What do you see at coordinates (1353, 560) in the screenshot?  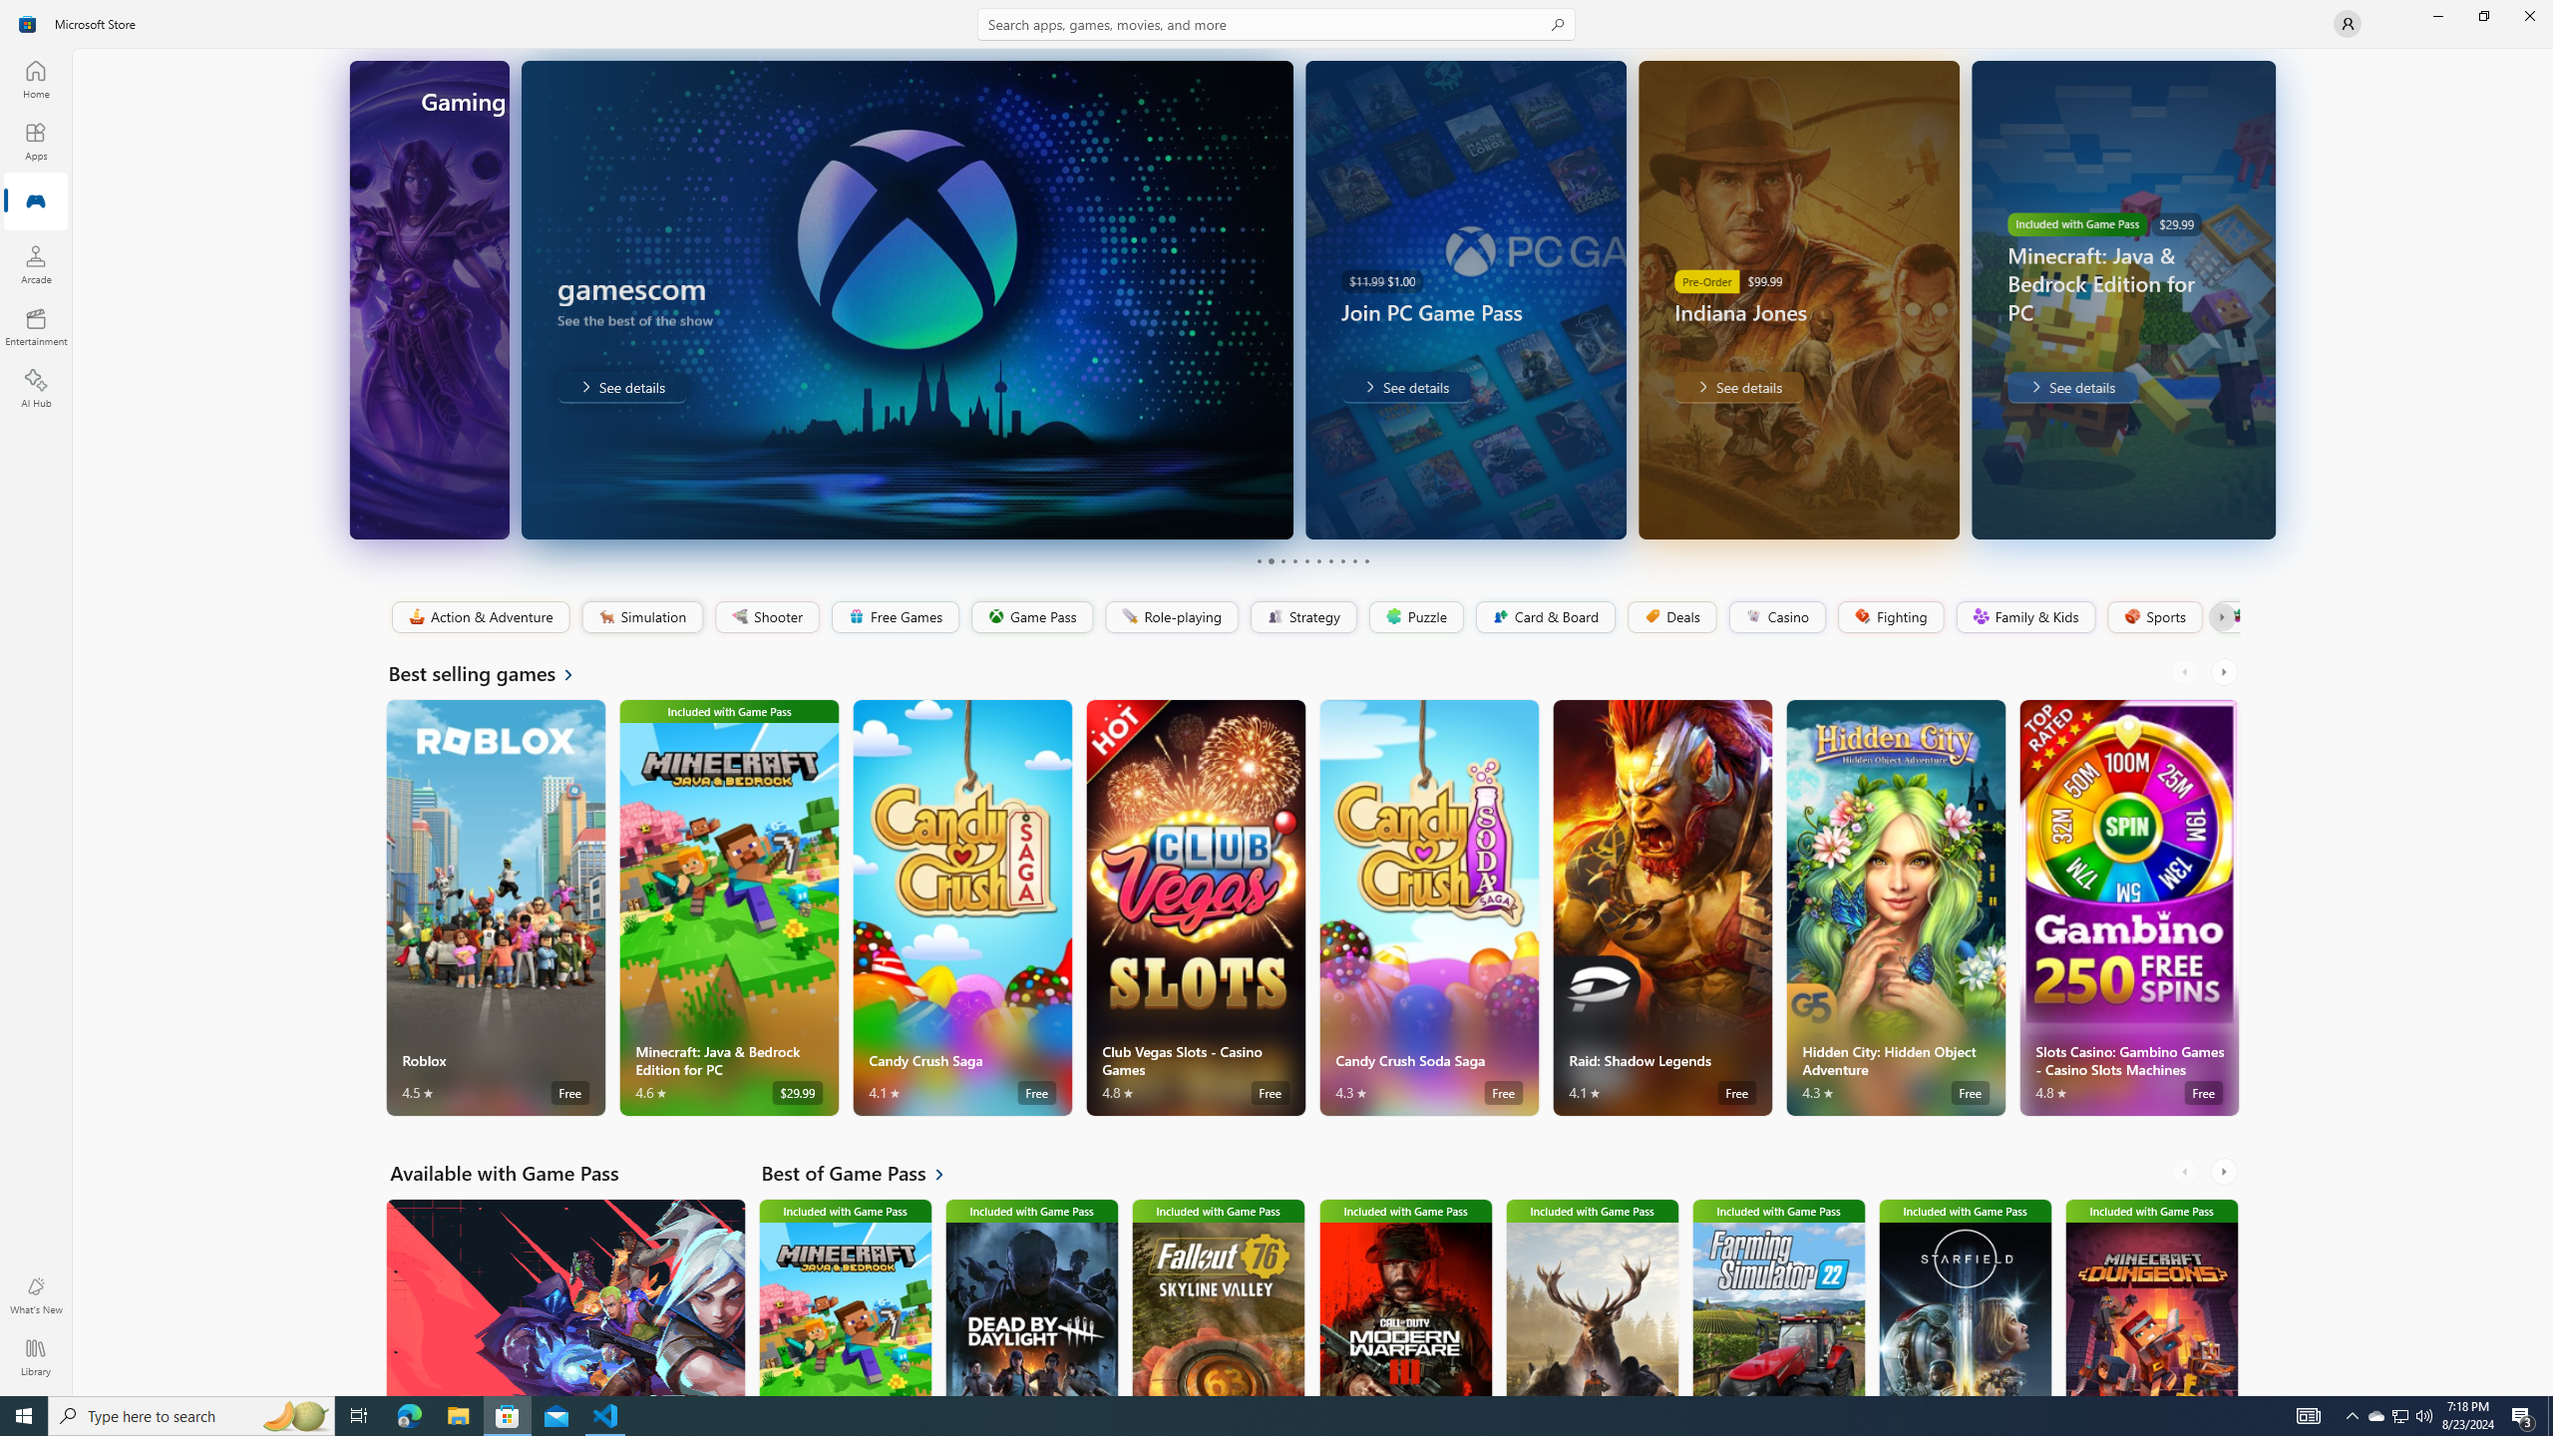 I see `'Page 9'` at bounding box center [1353, 560].